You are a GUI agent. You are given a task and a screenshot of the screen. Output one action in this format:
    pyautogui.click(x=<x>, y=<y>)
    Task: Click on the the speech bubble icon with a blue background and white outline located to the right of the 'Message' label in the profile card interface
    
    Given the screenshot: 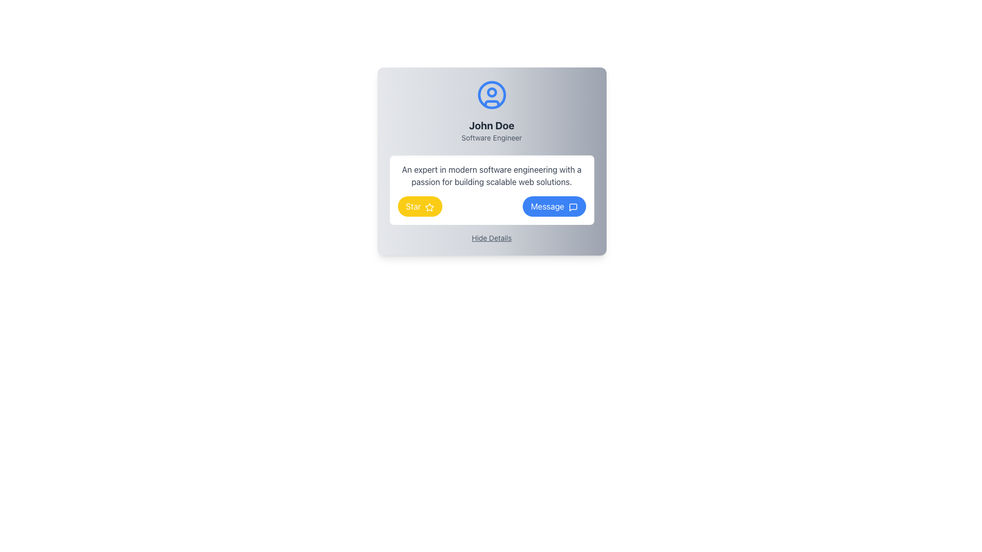 What is the action you would take?
    pyautogui.click(x=573, y=207)
    